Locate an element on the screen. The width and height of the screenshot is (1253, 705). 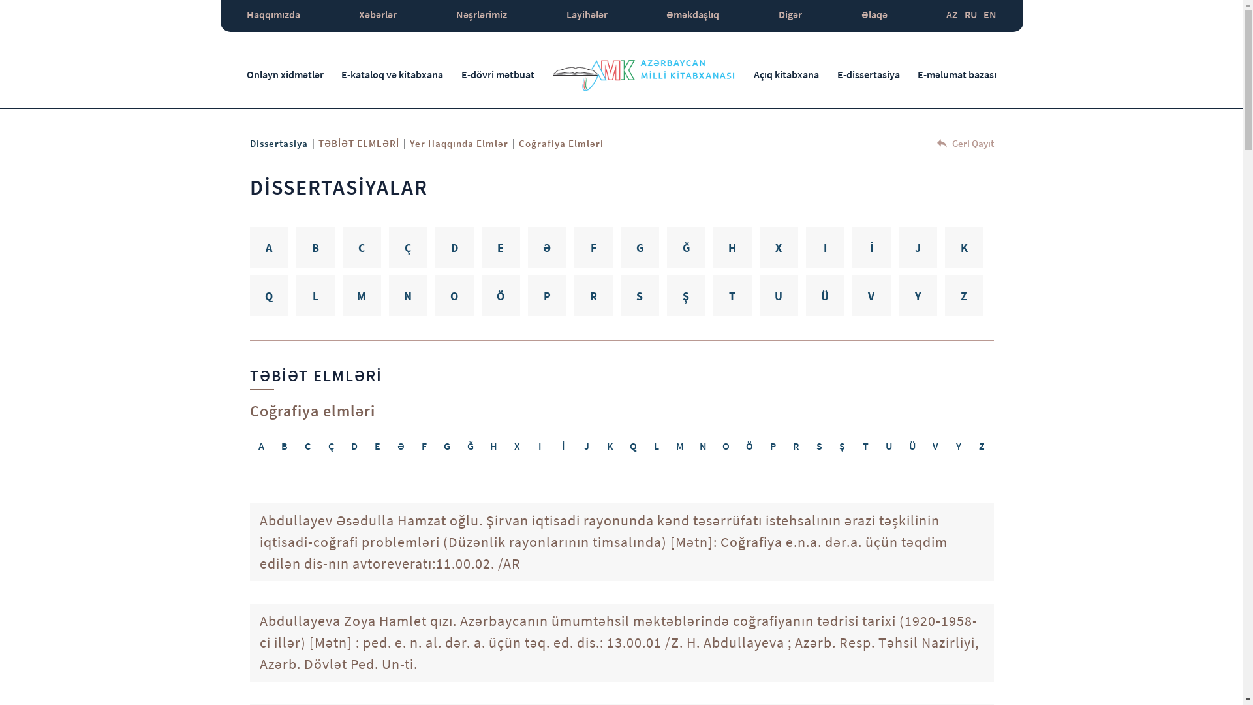
'RU' is located at coordinates (970, 16).